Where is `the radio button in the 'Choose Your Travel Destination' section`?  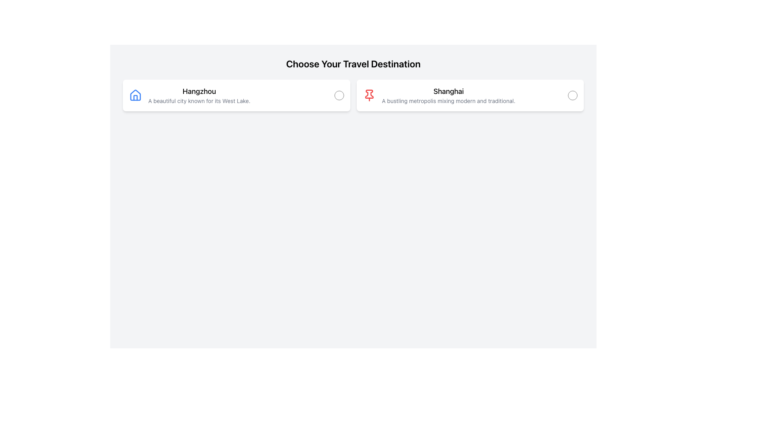
the radio button in the 'Choose Your Travel Destination' section is located at coordinates (353, 95).